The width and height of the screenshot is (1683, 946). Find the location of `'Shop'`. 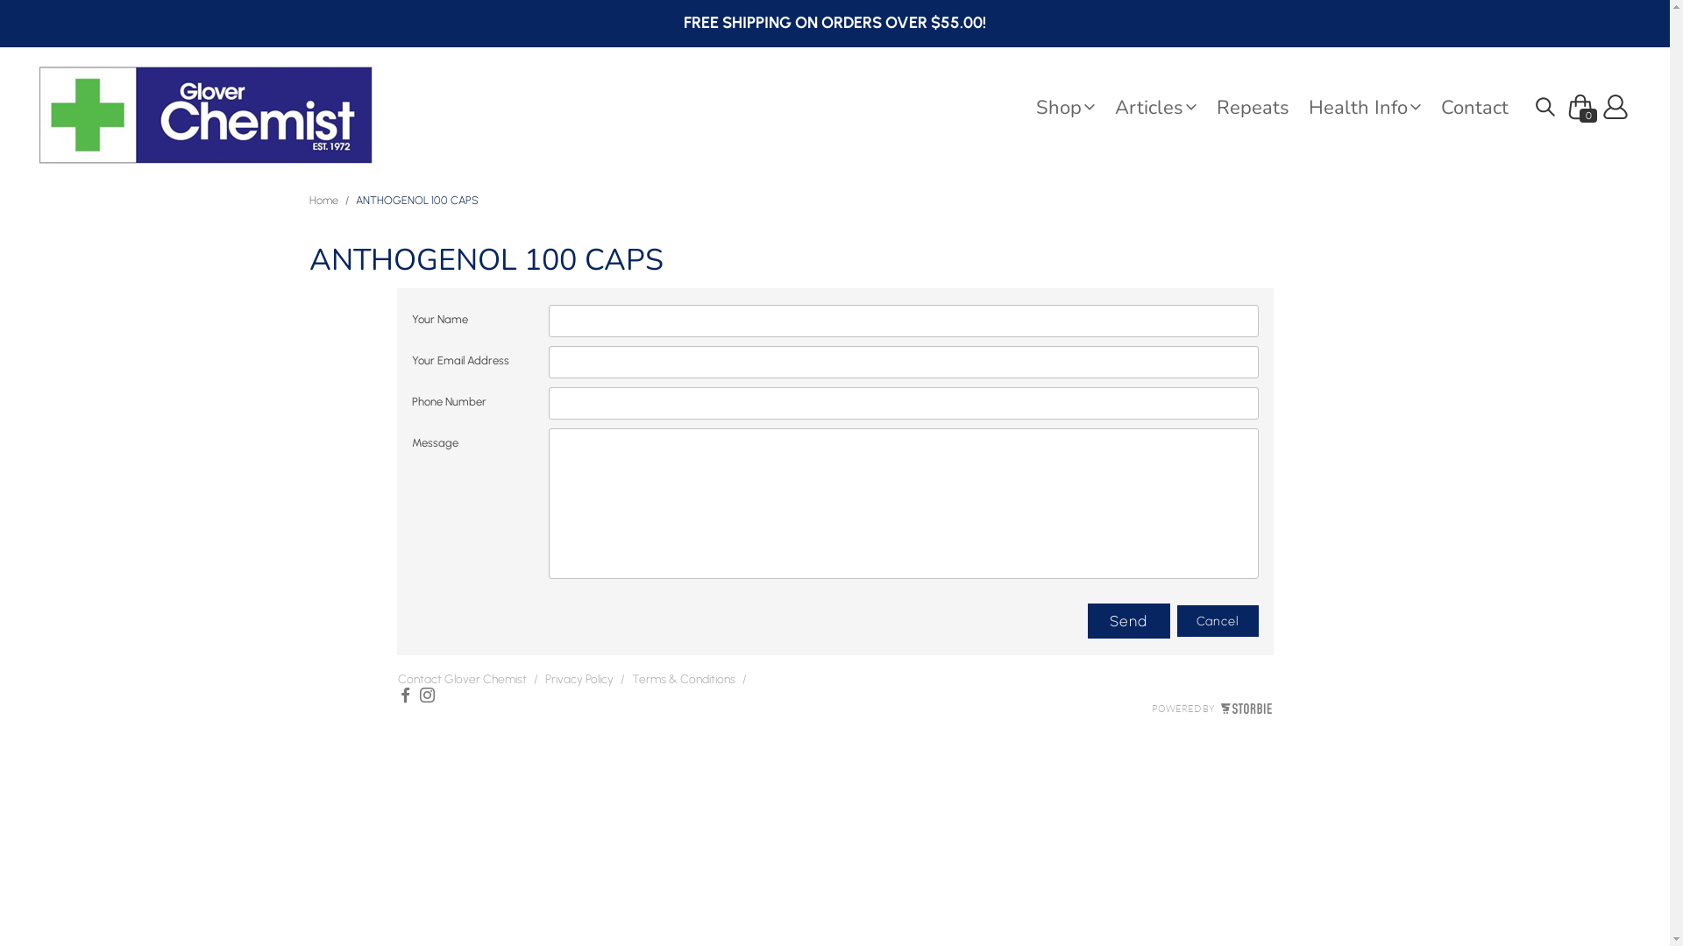

'Shop' is located at coordinates (1075, 108).